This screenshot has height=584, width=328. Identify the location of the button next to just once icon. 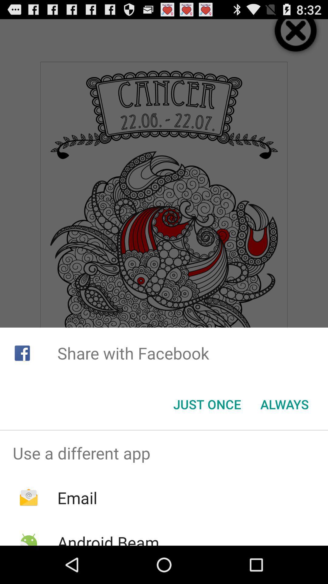
(285, 404).